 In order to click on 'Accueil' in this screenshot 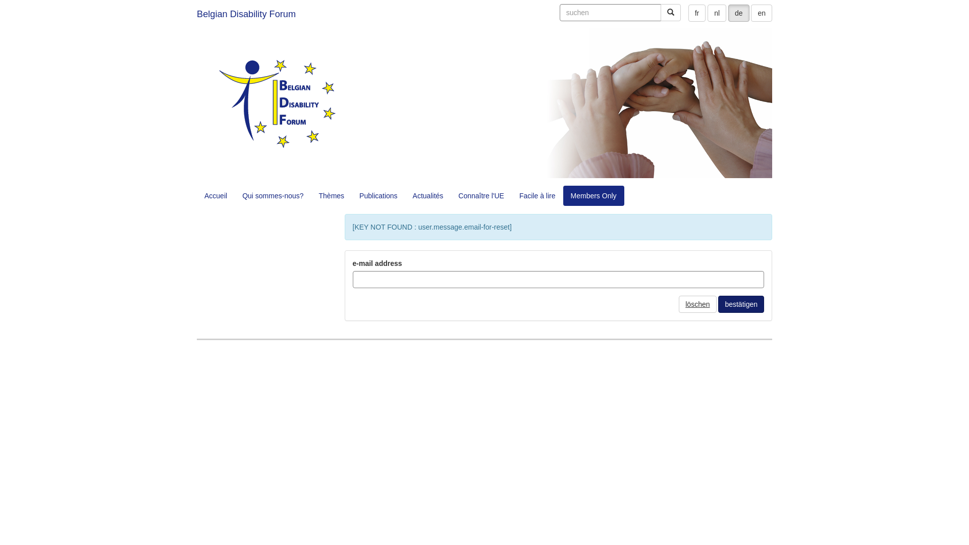, I will do `click(215, 196)`.